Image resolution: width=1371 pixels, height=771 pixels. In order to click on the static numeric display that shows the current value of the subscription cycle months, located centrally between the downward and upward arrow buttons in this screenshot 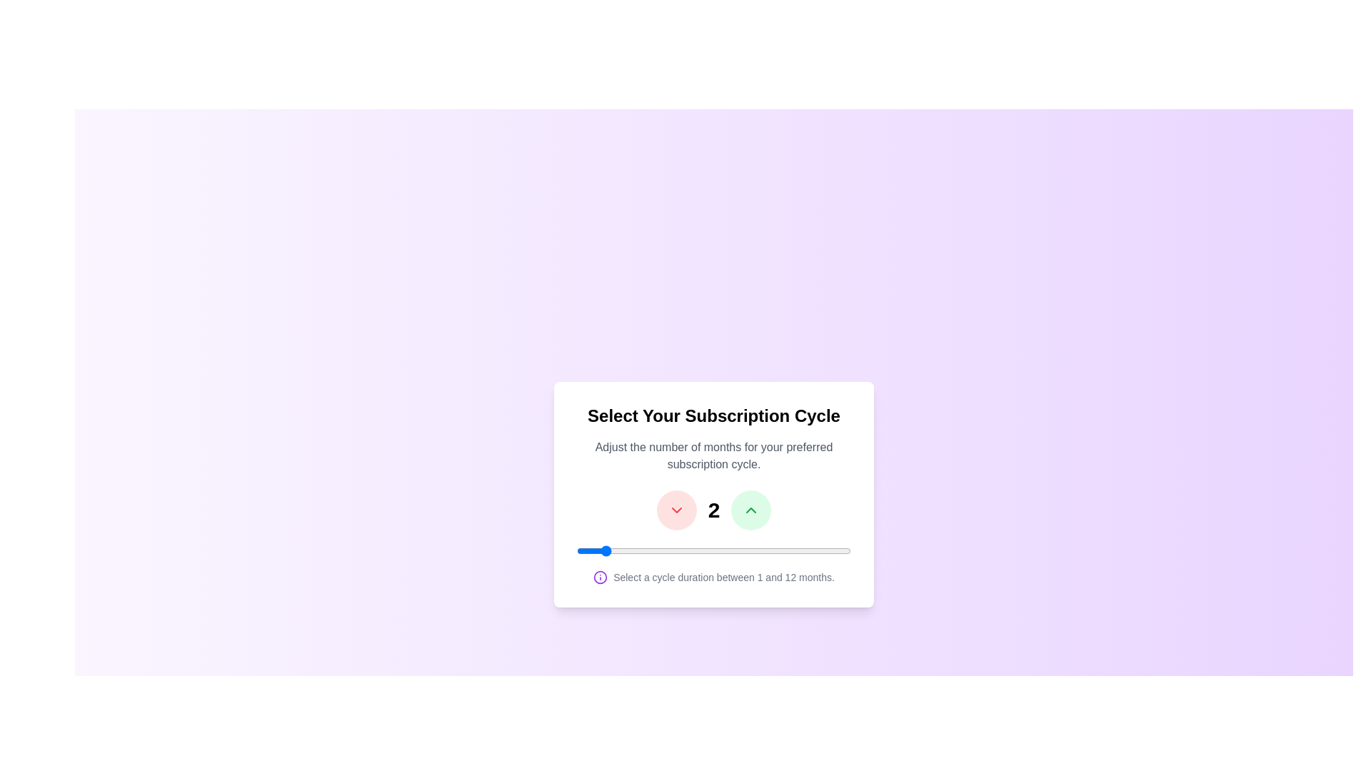, I will do `click(713, 509)`.